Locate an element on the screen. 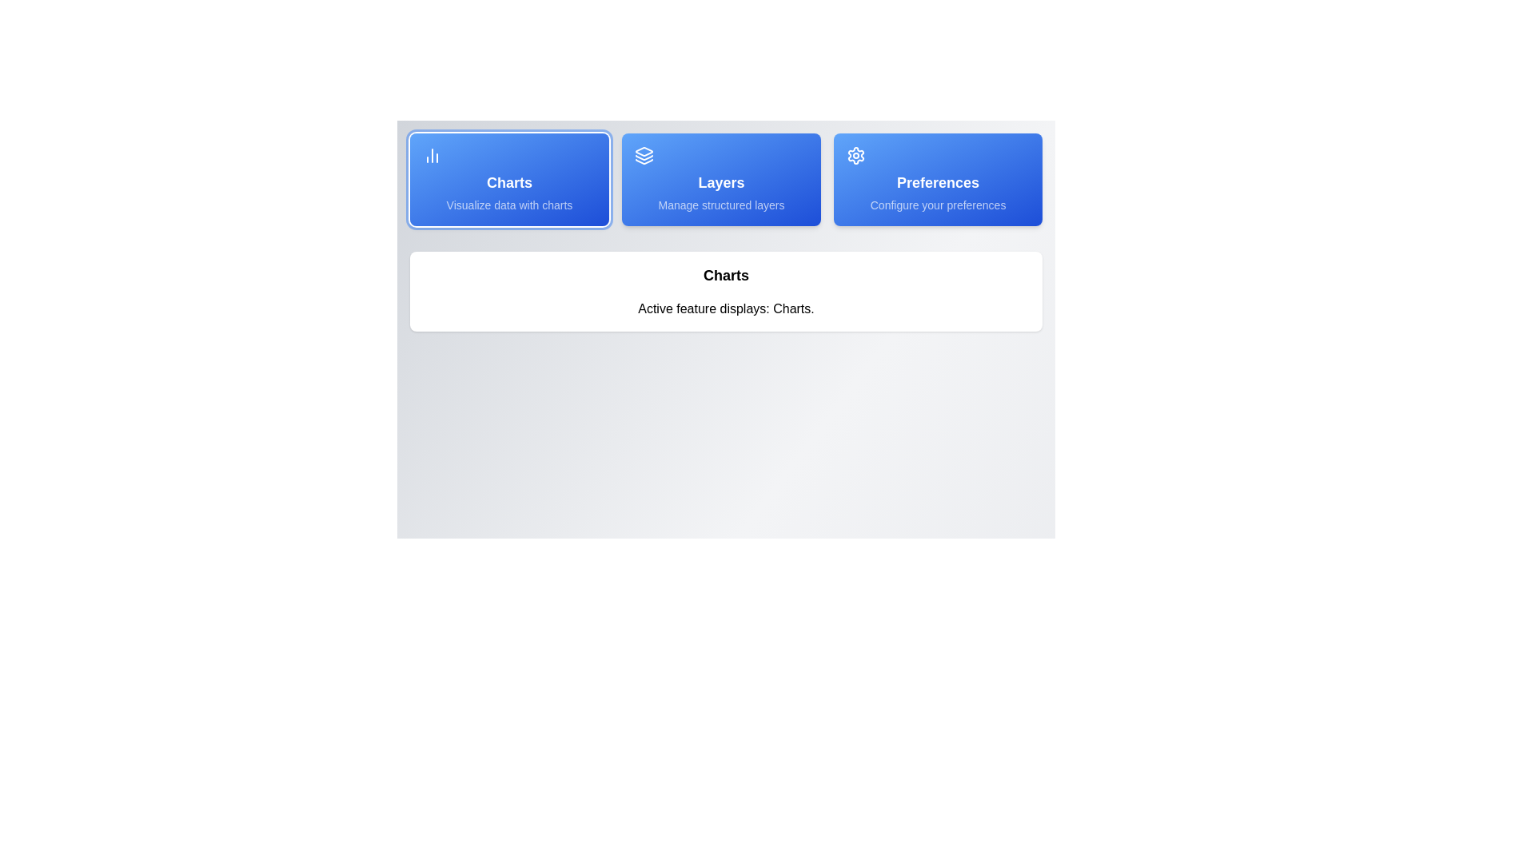  the prominent 'Layers' text label, which is styled in a large bold font and is located in the middle card of three horizontally aligned cards is located at coordinates (720, 181).